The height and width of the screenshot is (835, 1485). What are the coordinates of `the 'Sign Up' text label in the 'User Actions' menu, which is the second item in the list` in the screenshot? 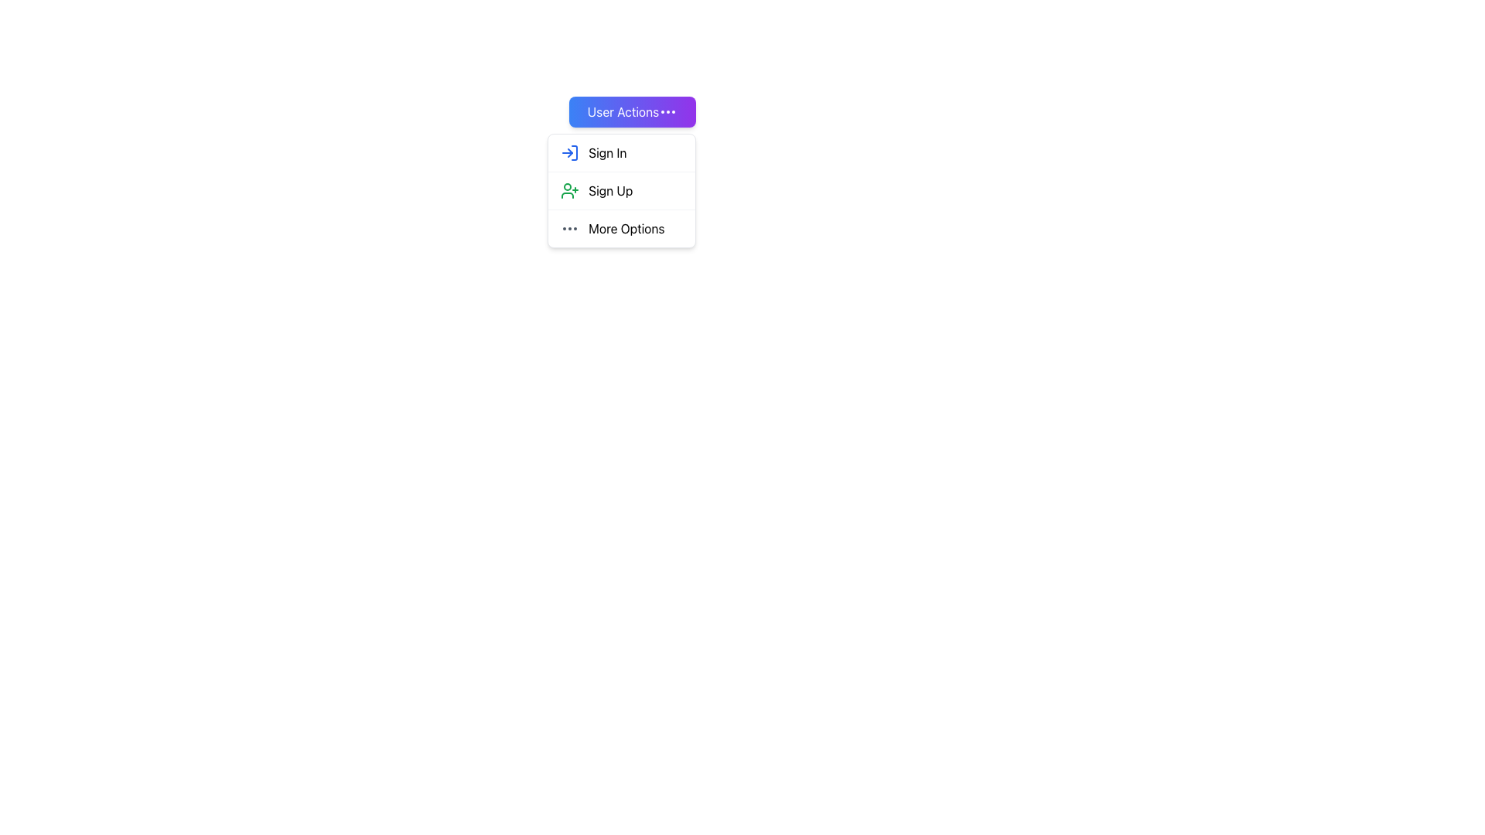 It's located at (609, 189).